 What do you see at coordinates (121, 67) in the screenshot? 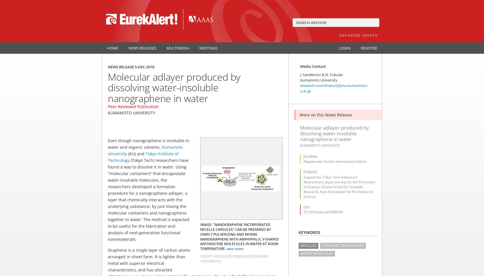
I see `'News Release'` at bounding box center [121, 67].